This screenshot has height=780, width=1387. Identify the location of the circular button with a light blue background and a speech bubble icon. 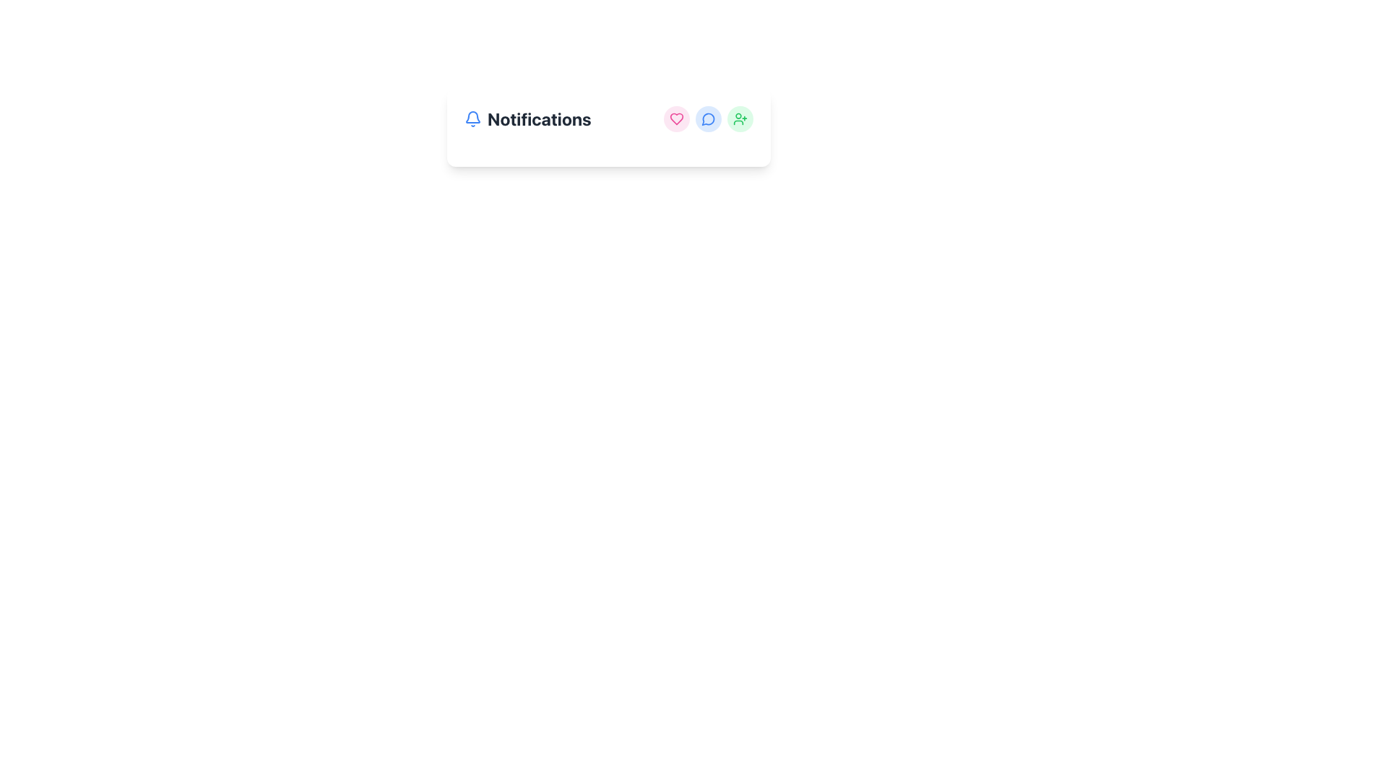
(708, 118).